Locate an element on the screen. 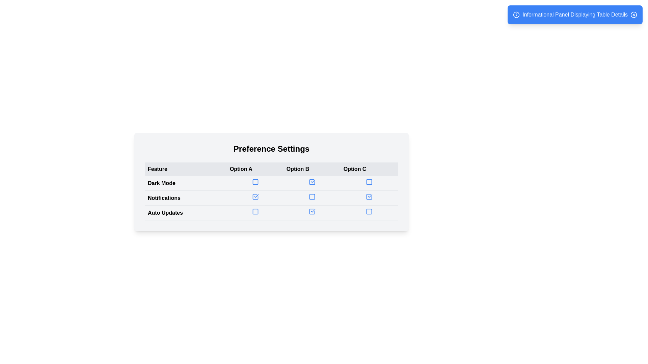  the checkbox styled with a blue border containing a checkmark icon, located under 'Preference Settings' in the 'Option B' column and 'Dark Mode' row is located at coordinates (312, 182).